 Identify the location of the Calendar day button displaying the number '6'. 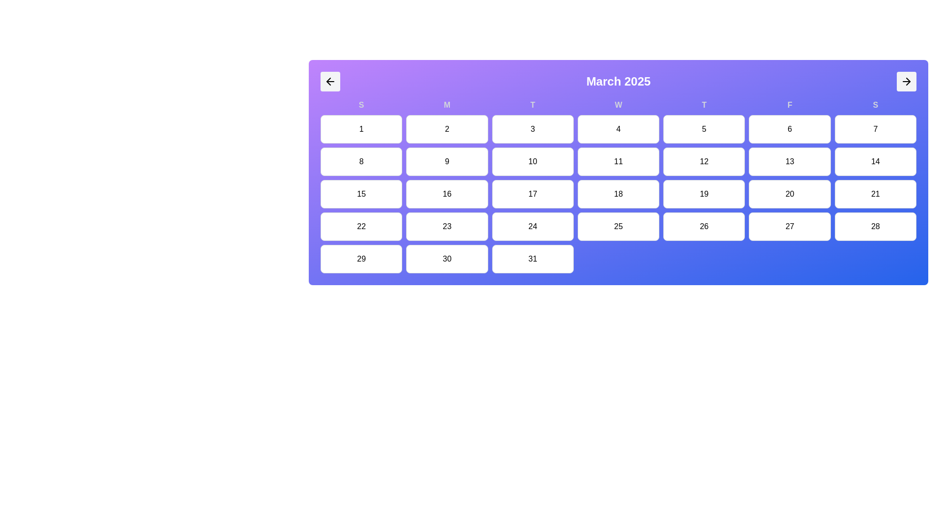
(790, 128).